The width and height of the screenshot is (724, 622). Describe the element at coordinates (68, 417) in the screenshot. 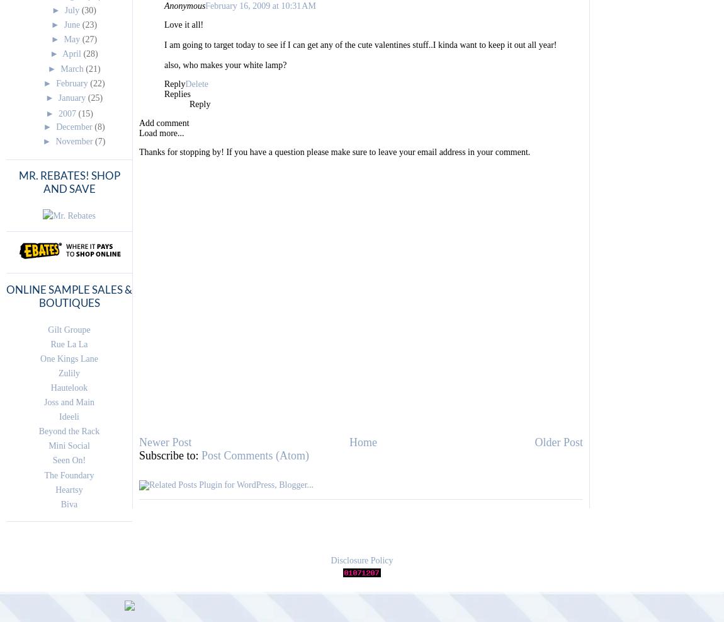

I see `'Ideeli'` at that location.